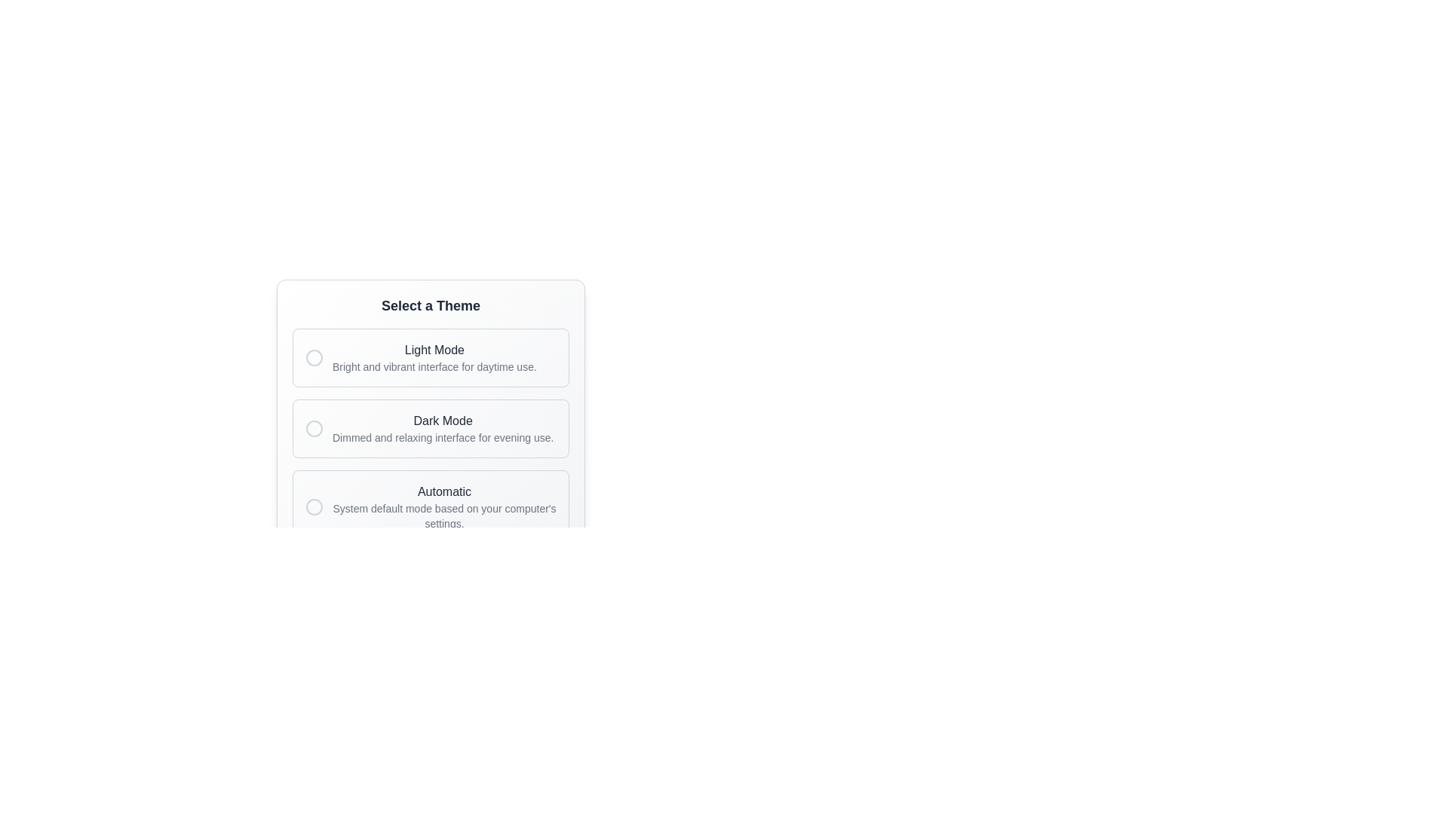 Image resolution: width=1448 pixels, height=814 pixels. I want to click on the first radio button in the horizontal list that indicates the 'Light Mode' theme, so click(314, 357).